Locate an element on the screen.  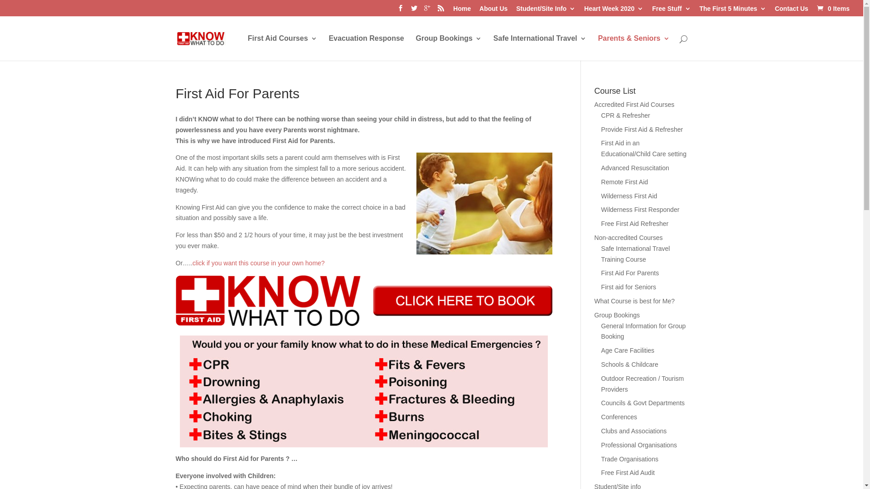
'Safe International Travel Training Course' is located at coordinates (635, 254).